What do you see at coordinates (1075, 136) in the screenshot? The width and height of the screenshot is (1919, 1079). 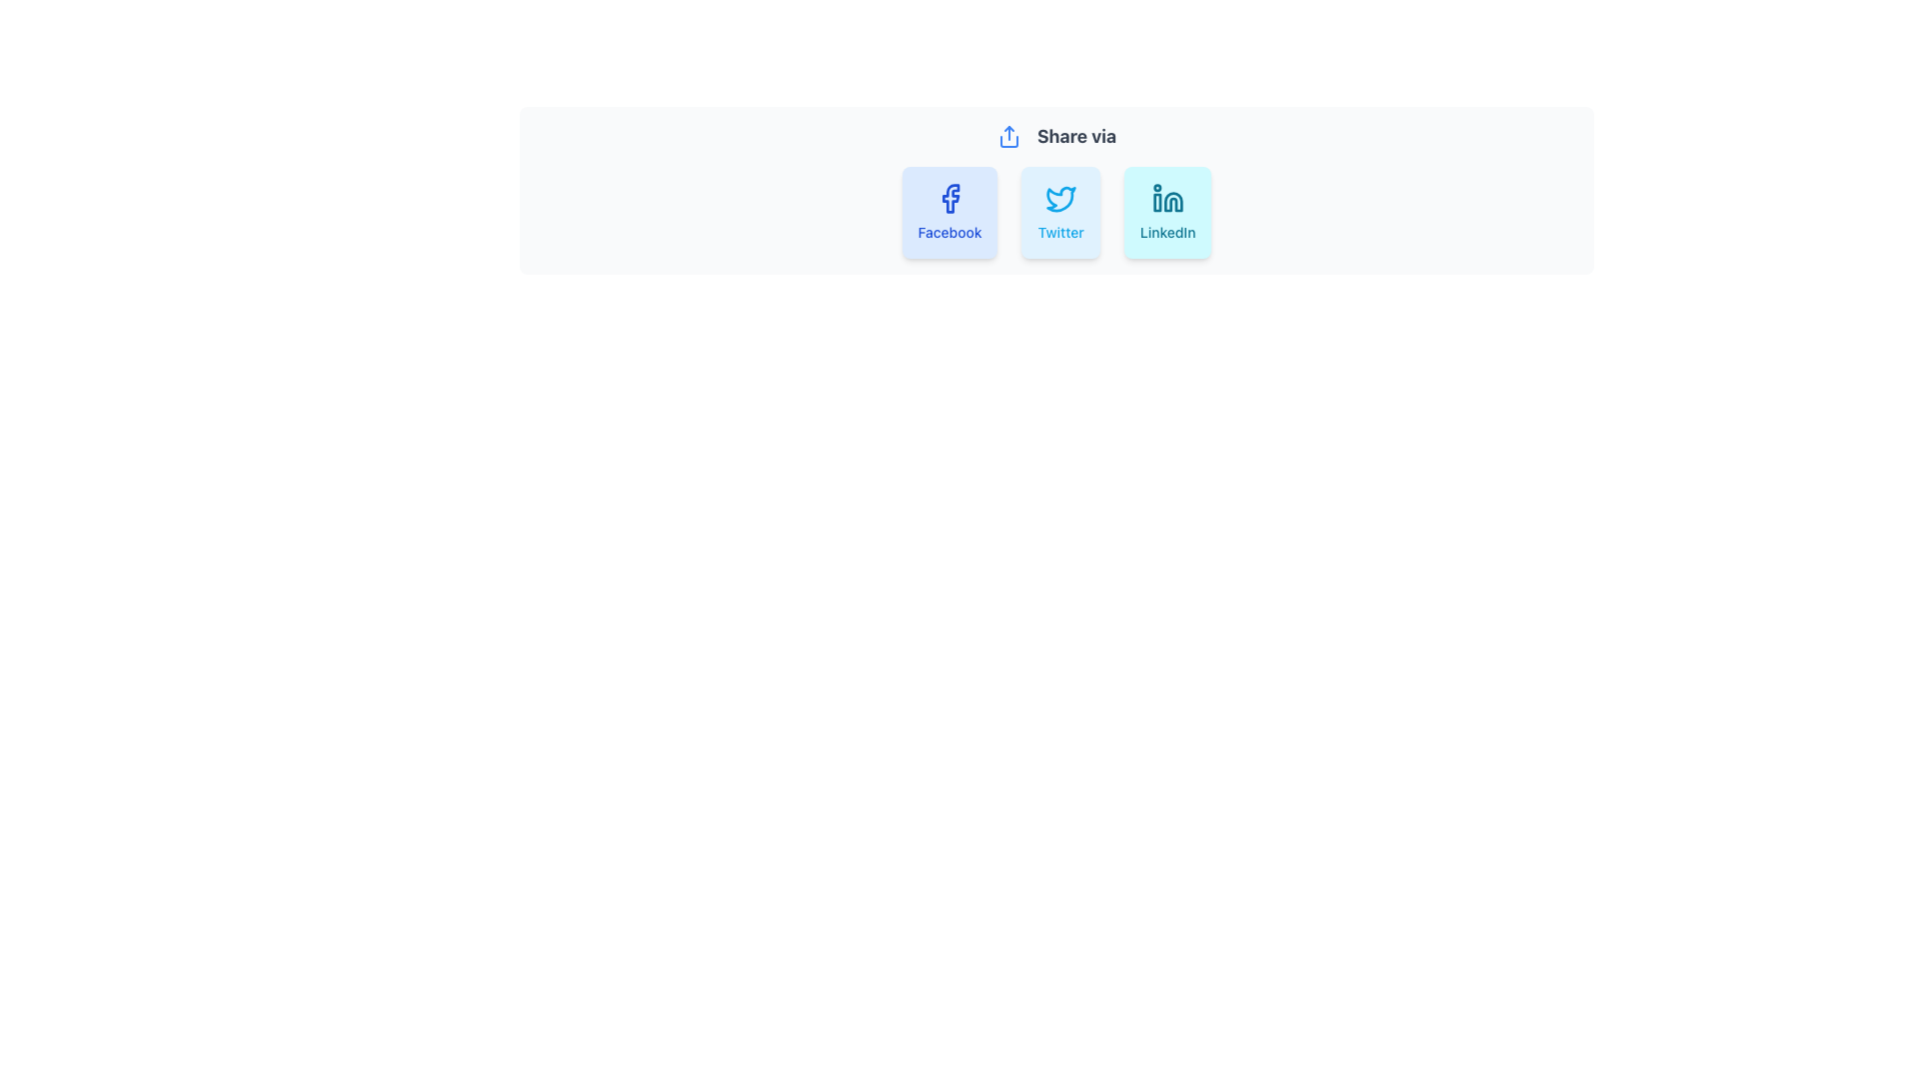 I see `the bold text label that reads 'Share via', which is prominently displayed above the social media buttons in a sharing section` at bounding box center [1075, 136].